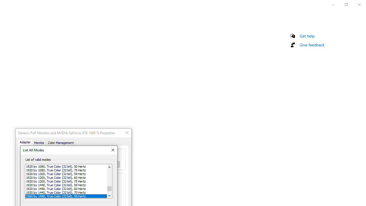  I want to click on '1920 by 1080, True Color (32 bit), 50 Hertz', so click(66, 166).